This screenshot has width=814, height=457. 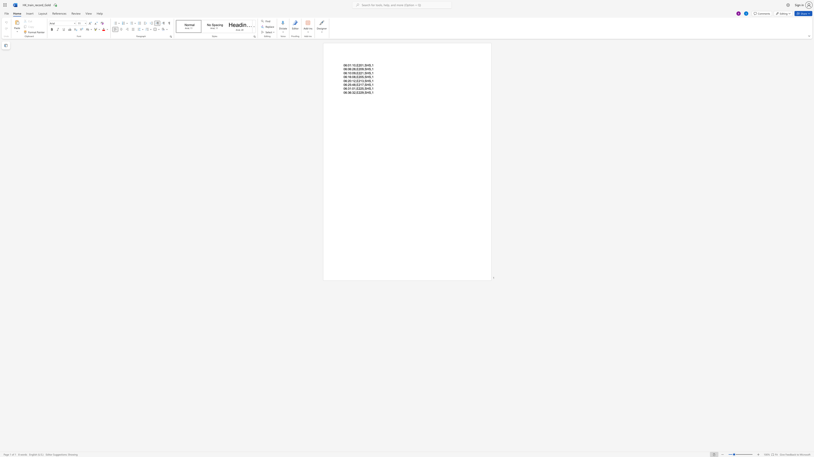 What do you see at coordinates (359, 81) in the screenshot?
I see `the 3th character "2" in the text` at bounding box center [359, 81].